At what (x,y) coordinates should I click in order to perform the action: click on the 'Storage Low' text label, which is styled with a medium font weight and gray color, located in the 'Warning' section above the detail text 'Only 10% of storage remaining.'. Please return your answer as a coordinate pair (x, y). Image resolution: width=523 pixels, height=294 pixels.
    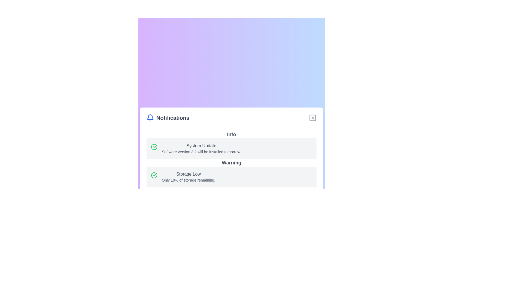
    Looking at the image, I should click on (188, 174).